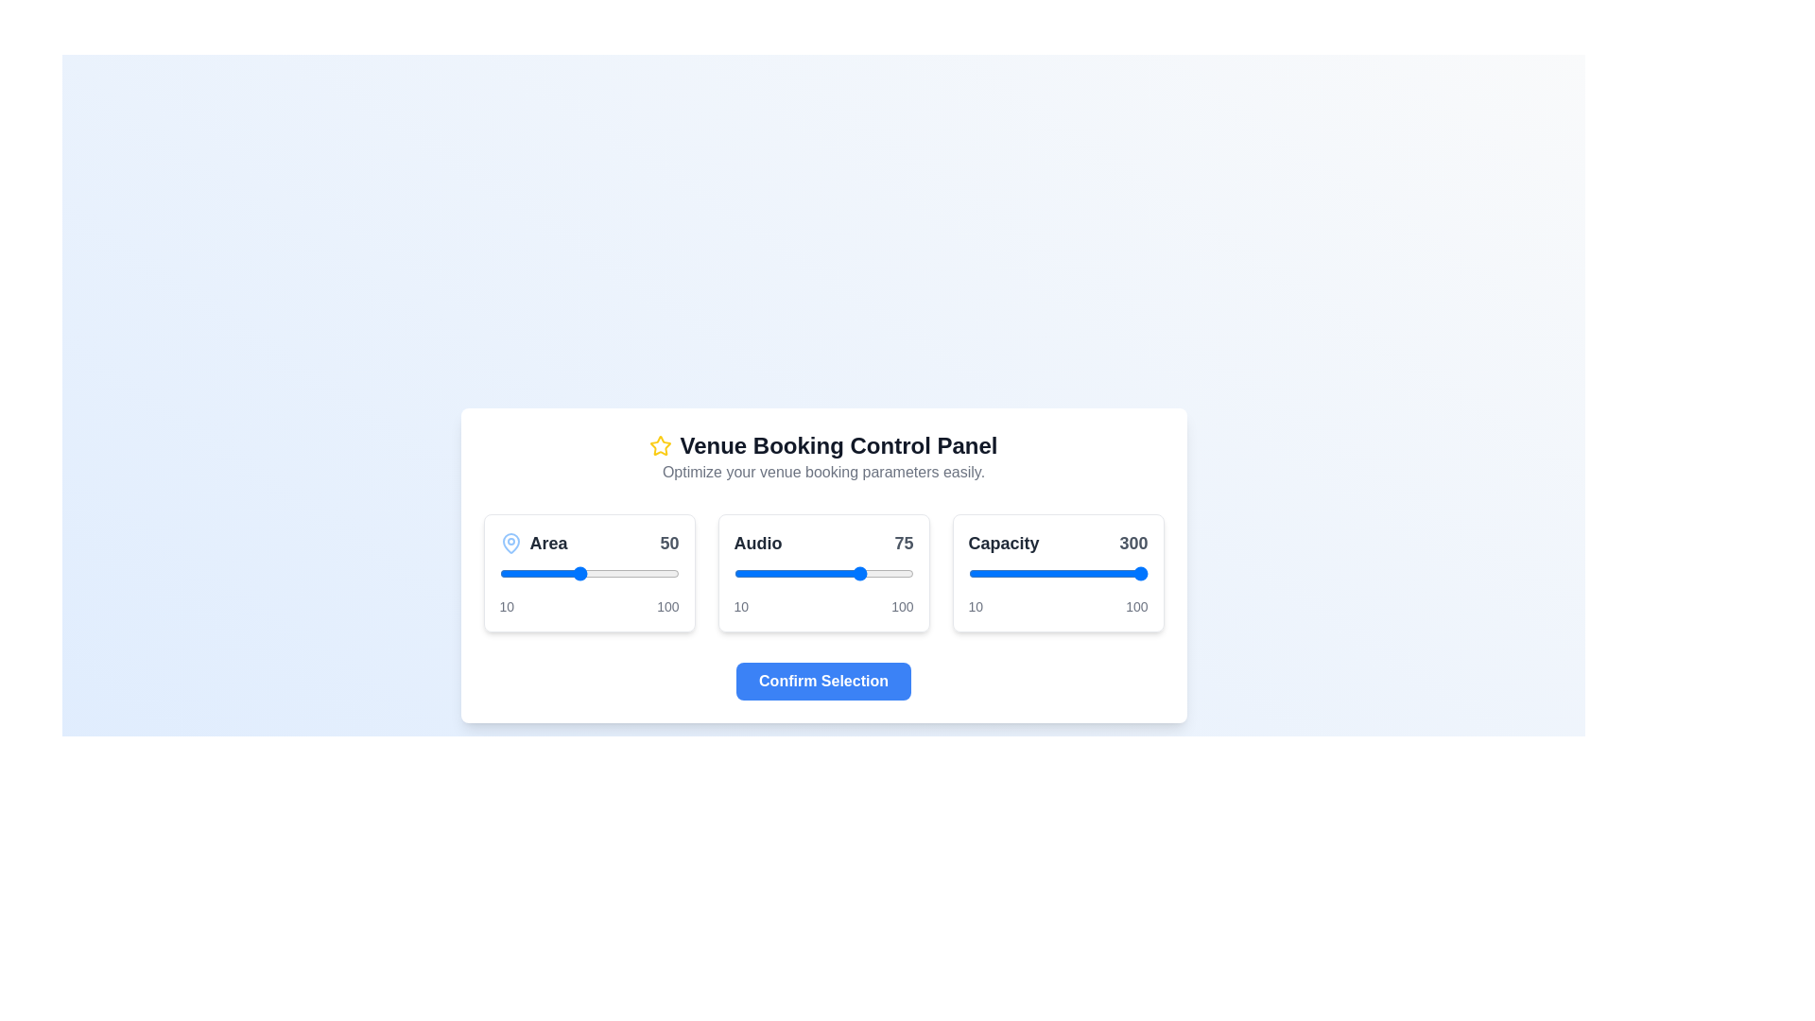 The width and height of the screenshot is (1815, 1021). I want to click on the audio level, so click(733, 572).